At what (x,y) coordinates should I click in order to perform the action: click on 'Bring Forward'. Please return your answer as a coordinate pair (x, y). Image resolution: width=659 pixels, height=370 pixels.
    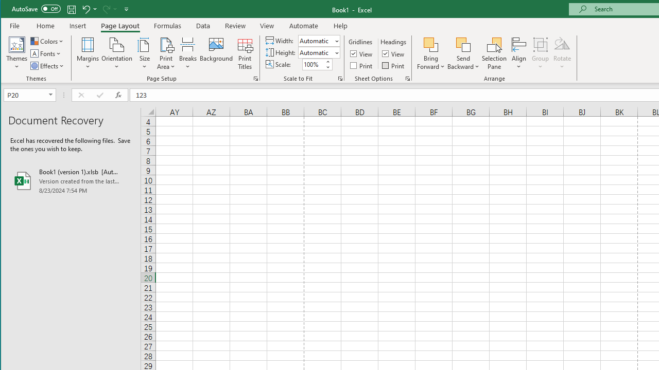
    Looking at the image, I should click on (431, 53).